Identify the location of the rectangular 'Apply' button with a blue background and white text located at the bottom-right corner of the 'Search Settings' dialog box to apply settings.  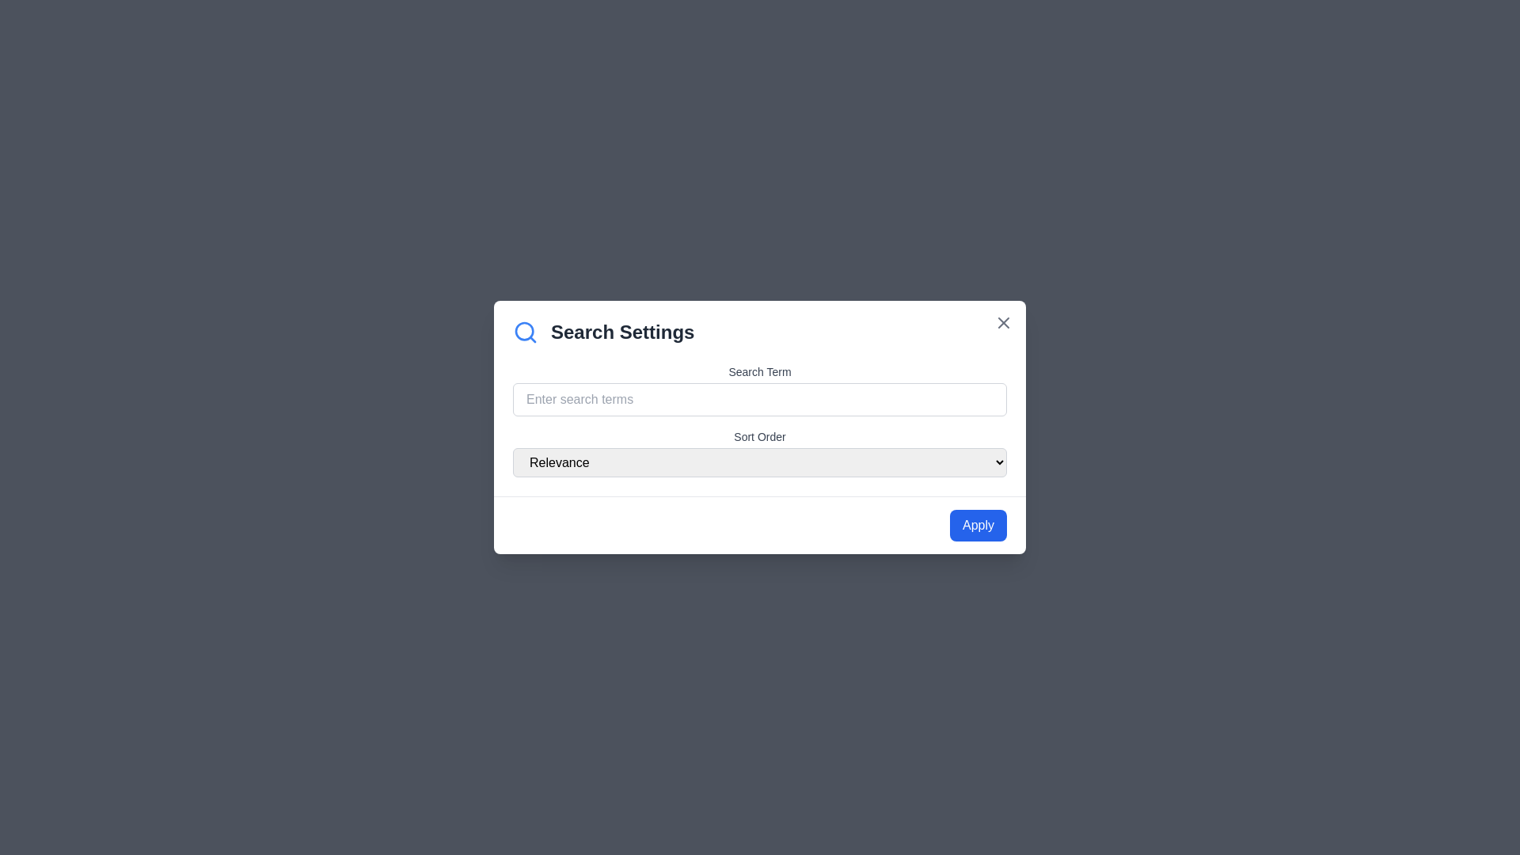
(977, 525).